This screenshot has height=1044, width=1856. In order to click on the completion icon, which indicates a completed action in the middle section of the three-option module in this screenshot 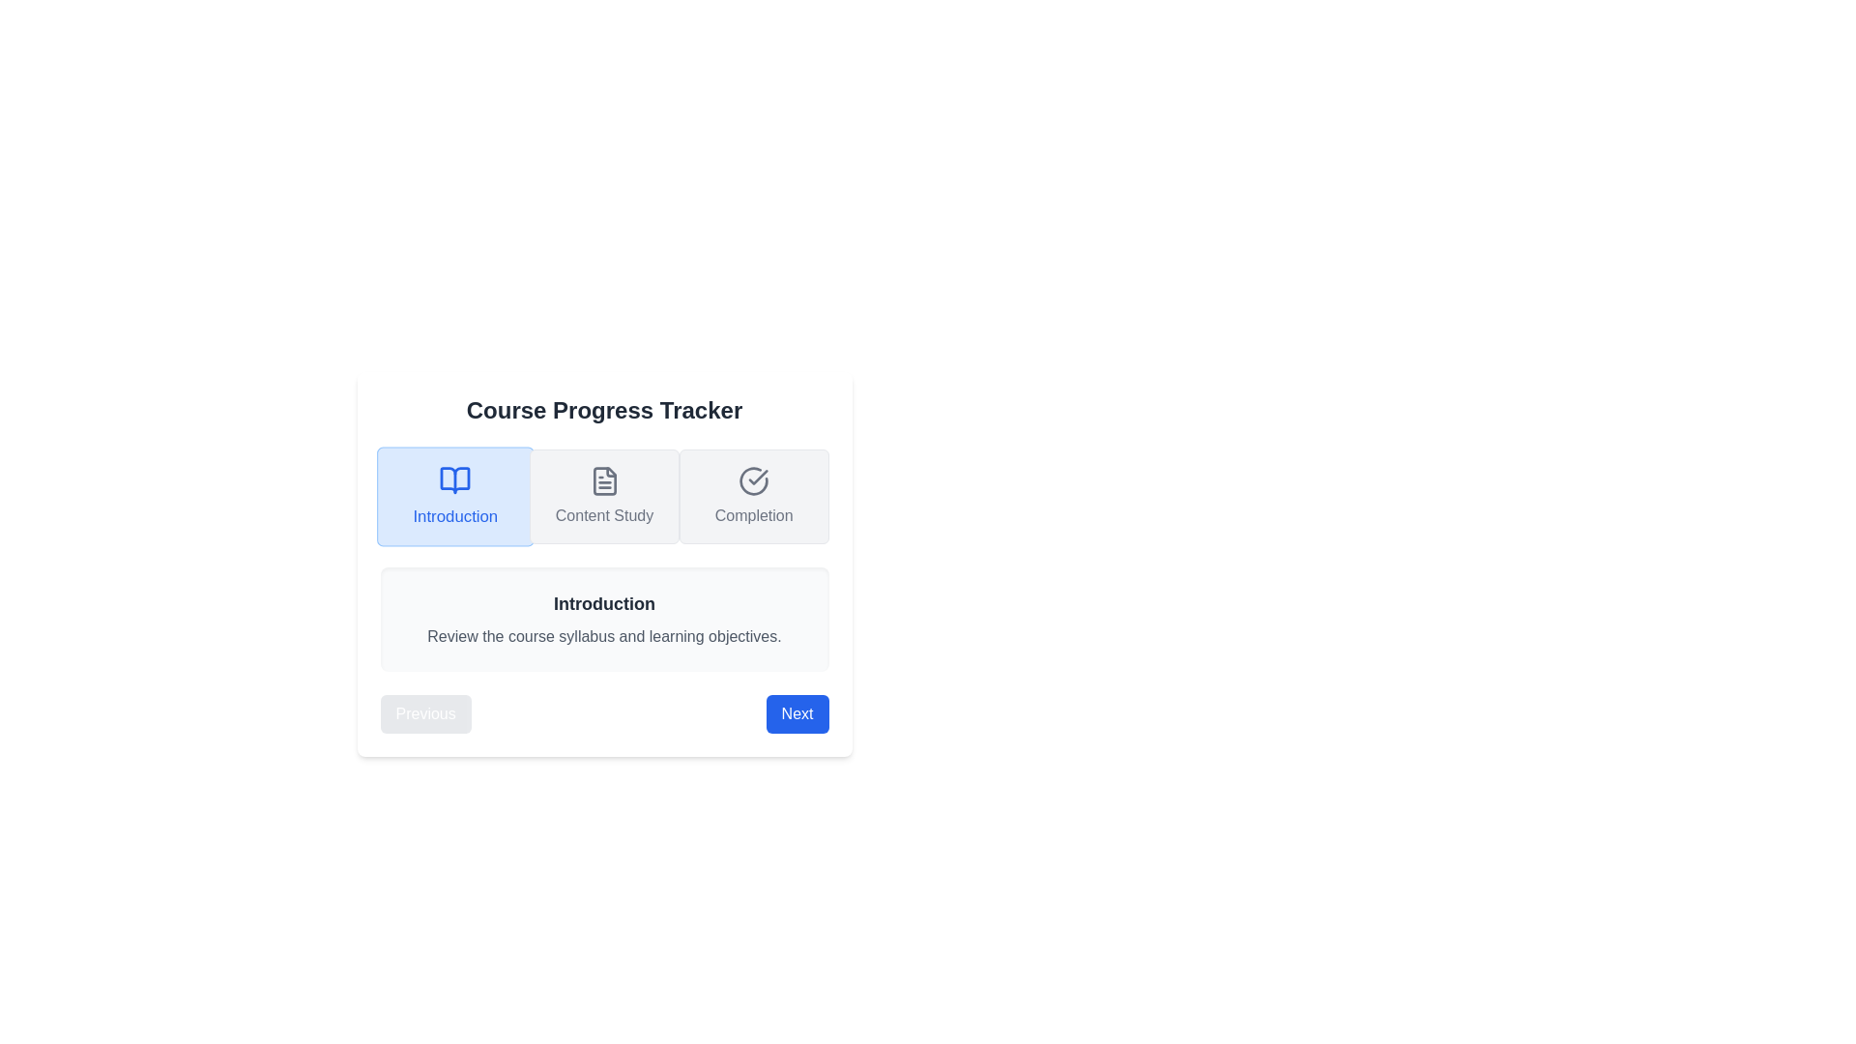, I will do `click(753, 479)`.